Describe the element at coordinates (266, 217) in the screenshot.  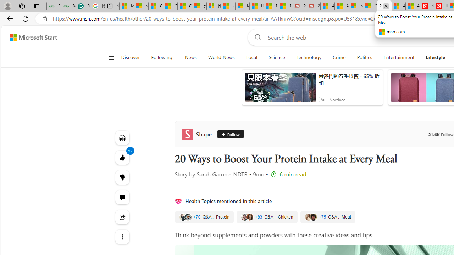
I see `'Chicken'` at that location.